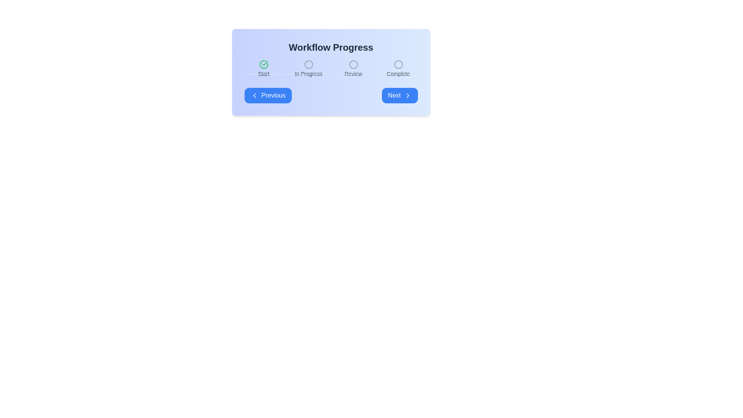 Image resolution: width=743 pixels, height=418 pixels. What do you see at coordinates (308, 74) in the screenshot?
I see `text label indicating the 'In Progress' step of the workflow, located under the second circular icon in the progress bar` at bounding box center [308, 74].